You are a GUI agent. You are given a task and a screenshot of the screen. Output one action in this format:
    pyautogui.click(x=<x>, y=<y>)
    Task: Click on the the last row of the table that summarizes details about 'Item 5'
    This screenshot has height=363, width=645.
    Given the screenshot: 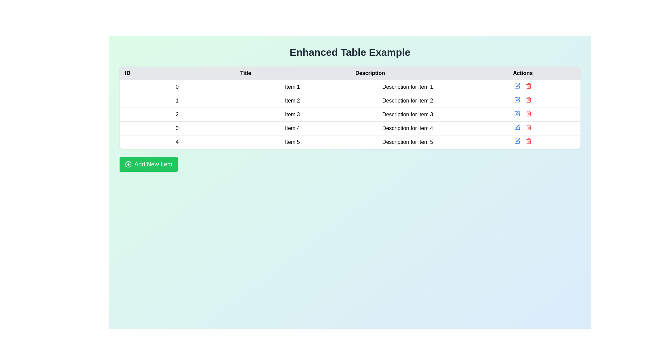 What is the action you would take?
    pyautogui.click(x=349, y=141)
    